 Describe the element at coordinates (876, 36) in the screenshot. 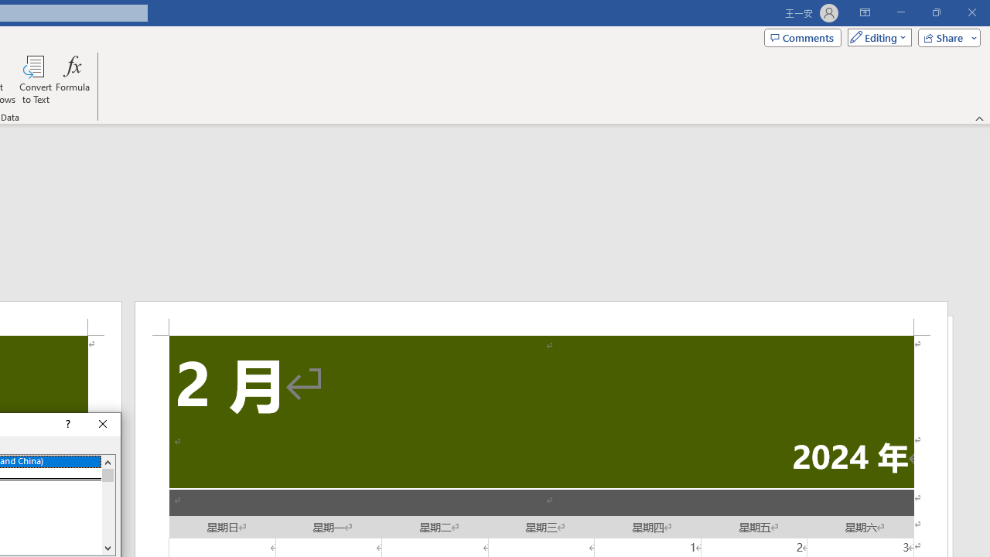

I see `'Mode'` at that location.